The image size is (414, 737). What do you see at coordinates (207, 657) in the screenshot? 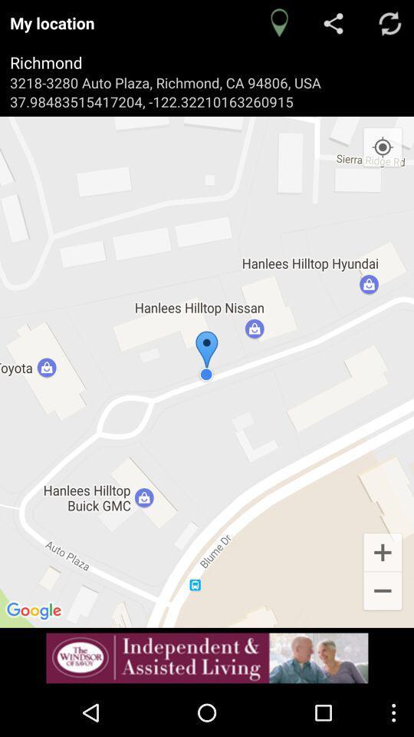
I see `click advertisement` at bounding box center [207, 657].